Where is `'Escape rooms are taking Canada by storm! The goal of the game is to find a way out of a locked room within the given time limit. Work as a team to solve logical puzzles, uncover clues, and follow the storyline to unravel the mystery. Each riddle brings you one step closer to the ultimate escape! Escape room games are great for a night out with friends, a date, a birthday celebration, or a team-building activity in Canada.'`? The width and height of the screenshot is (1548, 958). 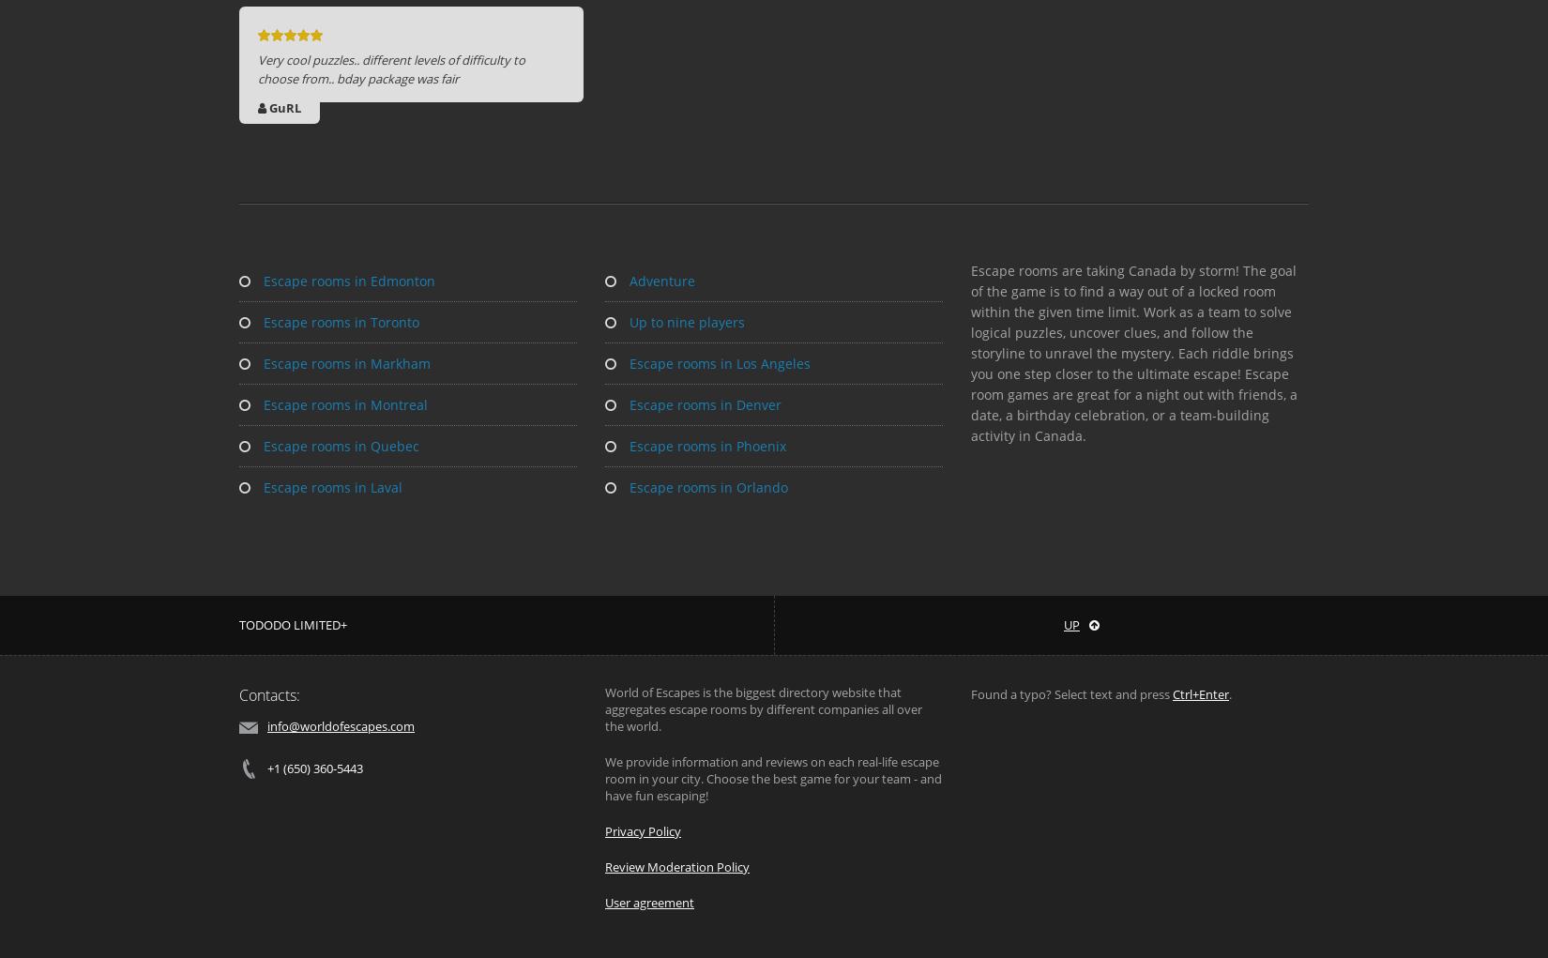
'Escape rooms are taking Canada by storm! The goal of the game is to find a way out of a locked room within the given time limit. Work as a team to solve logical puzzles, uncover clues, and follow the storyline to unravel the mystery. Each riddle brings you one step closer to the ultimate escape! Escape room games are great for a night out with friends, a date, a birthday celebration, or a team-building activity in Canada.' is located at coordinates (1133, 353).